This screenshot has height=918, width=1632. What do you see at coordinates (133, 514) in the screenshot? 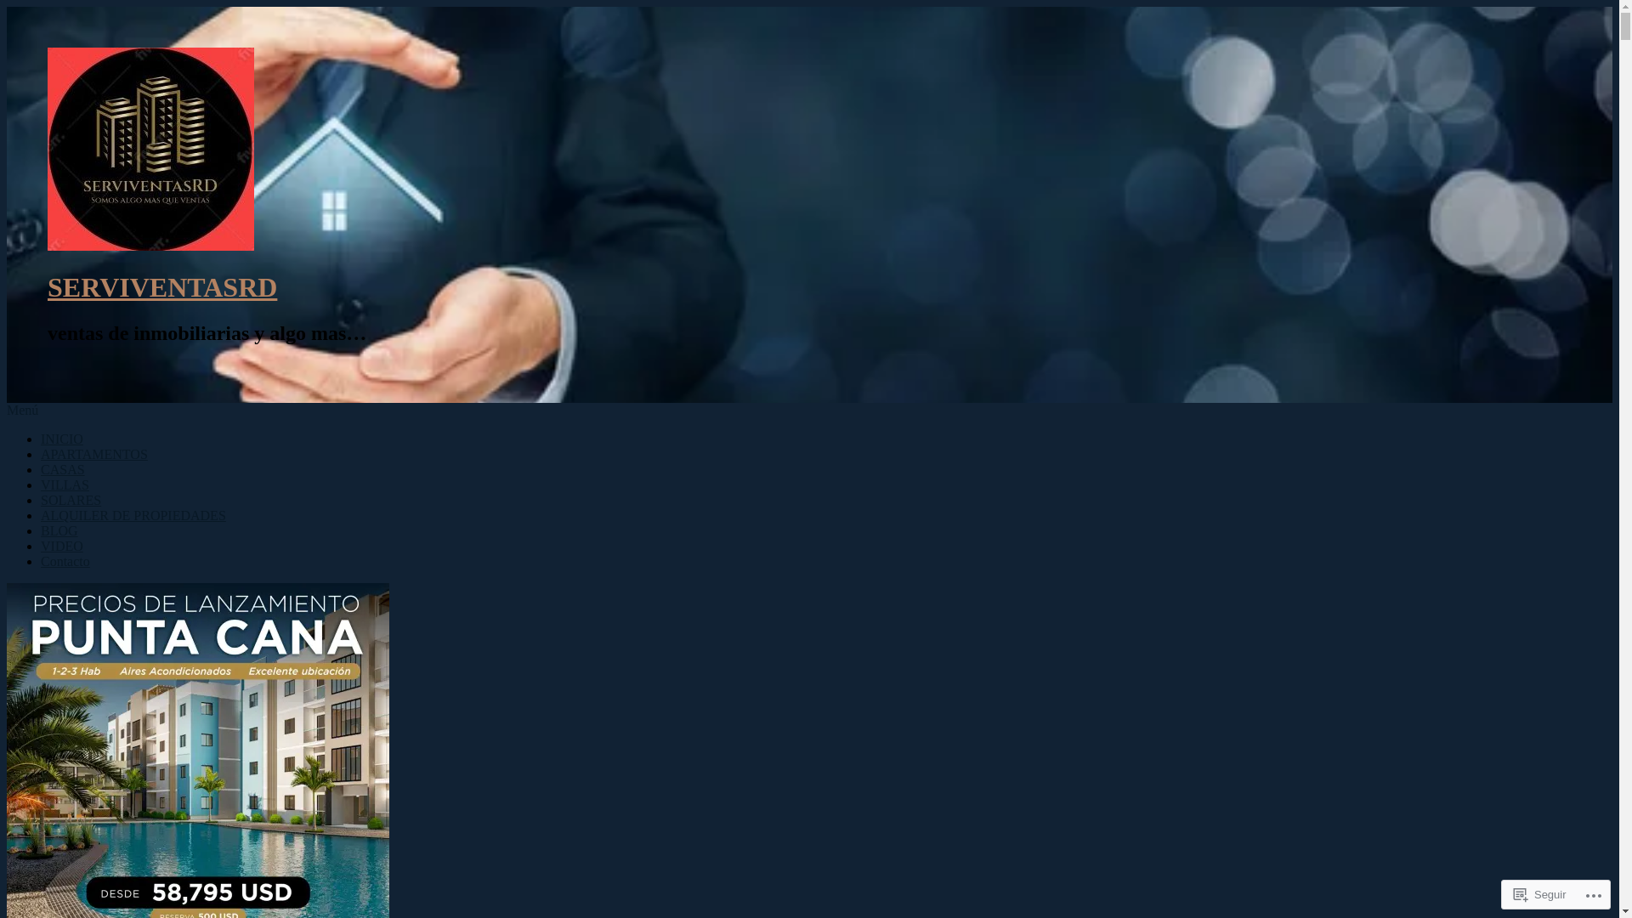
I see `'ALQUILER DE PROPIEDADES'` at bounding box center [133, 514].